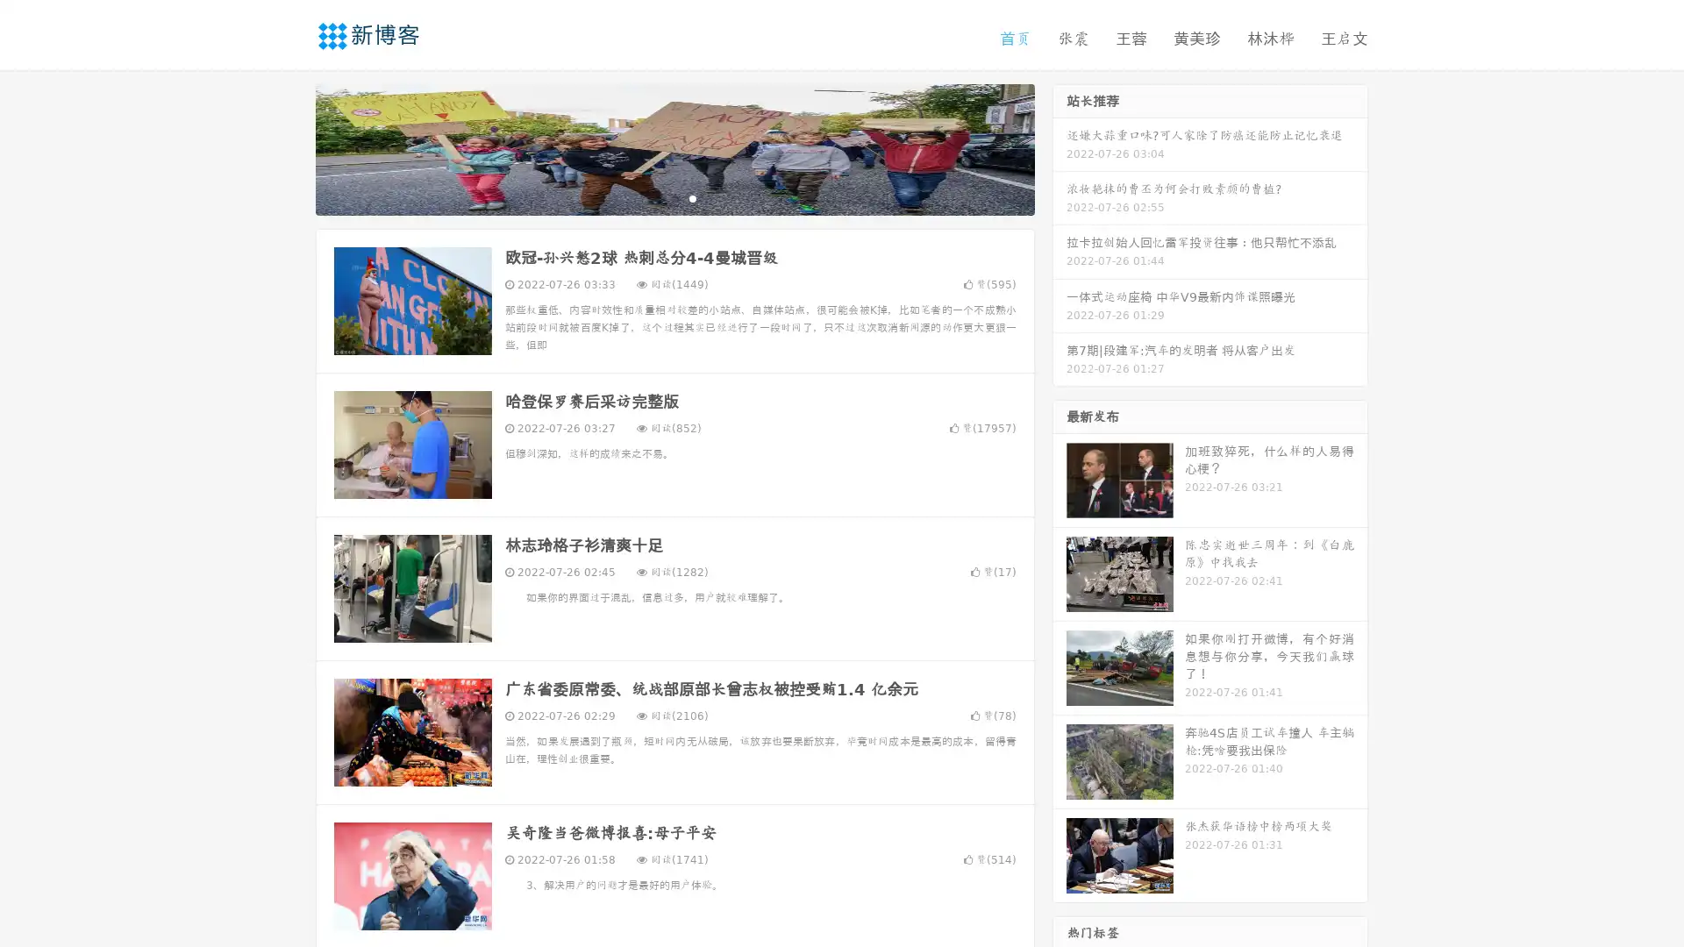 The width and height of the screenshot is (1684, 947). I want to click on Go to slide 3, so click(692, 197).